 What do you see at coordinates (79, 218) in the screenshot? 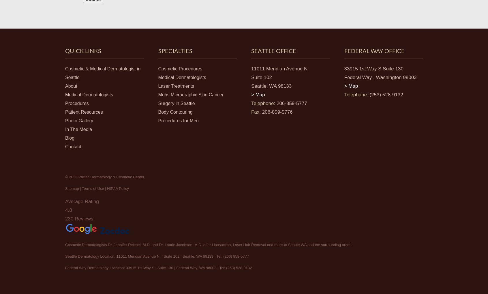
I see `'230 Reviews'` at bounding box center [79, 218].